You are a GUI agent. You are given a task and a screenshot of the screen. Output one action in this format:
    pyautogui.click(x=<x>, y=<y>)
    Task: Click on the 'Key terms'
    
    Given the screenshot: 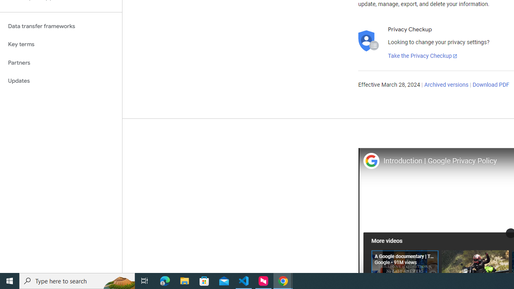 What is the action you would take?
    pyautogui.click(x=61, y=44)
    